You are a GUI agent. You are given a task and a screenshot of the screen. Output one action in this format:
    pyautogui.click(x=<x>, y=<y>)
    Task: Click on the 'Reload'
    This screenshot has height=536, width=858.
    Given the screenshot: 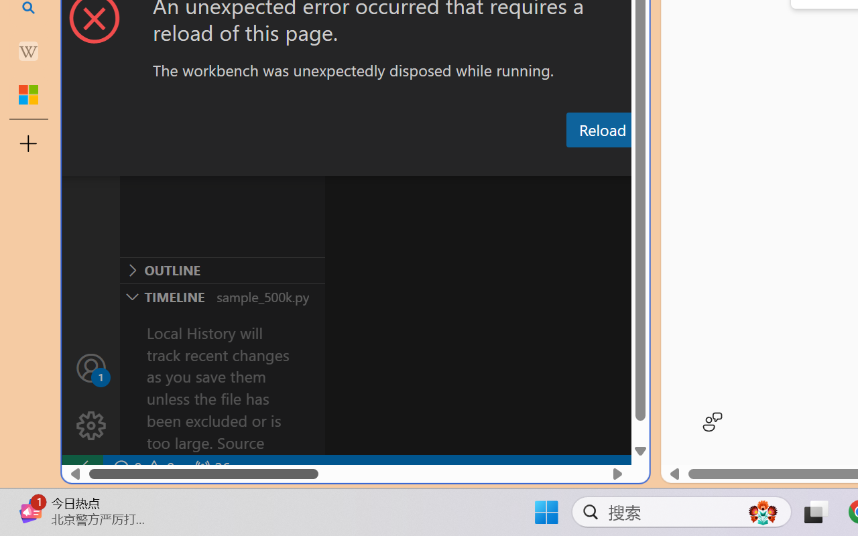 What is the action you would take?
    pyautogui.click(x=601, y=129)
    